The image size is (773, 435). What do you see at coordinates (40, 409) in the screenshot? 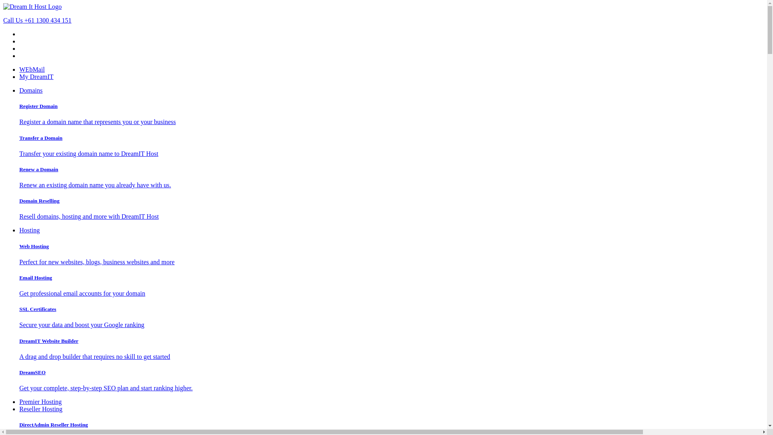
I see `'Reseller Hosting'` at bounding box center [40, 409].